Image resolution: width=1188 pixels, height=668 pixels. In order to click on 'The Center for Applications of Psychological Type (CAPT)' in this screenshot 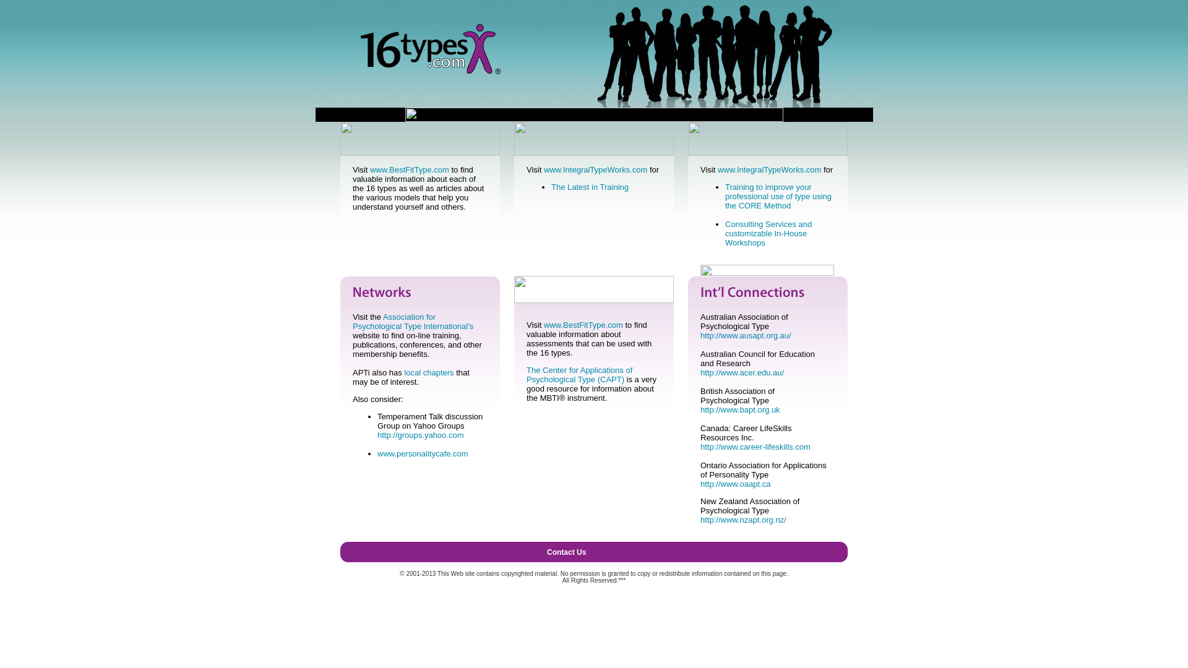, I will do `click(579, 374)`.